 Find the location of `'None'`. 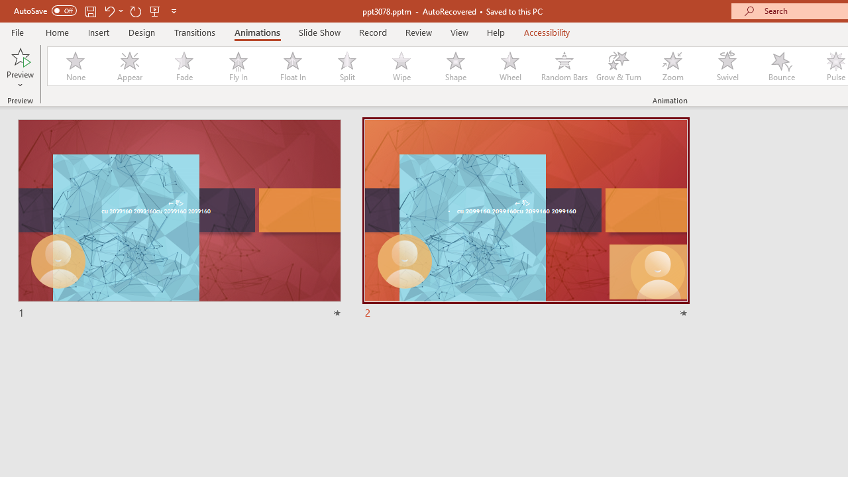

'None' is located at coordinates (74, 66).